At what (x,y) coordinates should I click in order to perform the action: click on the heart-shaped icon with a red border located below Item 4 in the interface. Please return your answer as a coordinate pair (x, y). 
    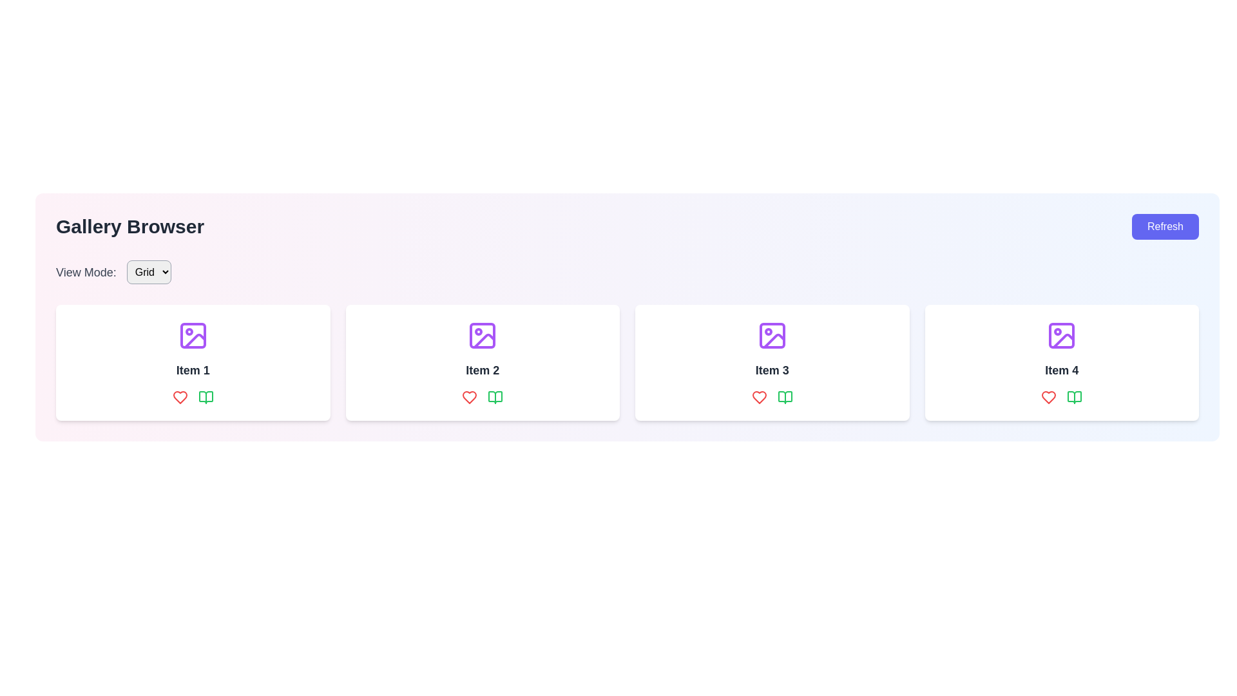
    Looking at the image, I should click on (1049, 397).